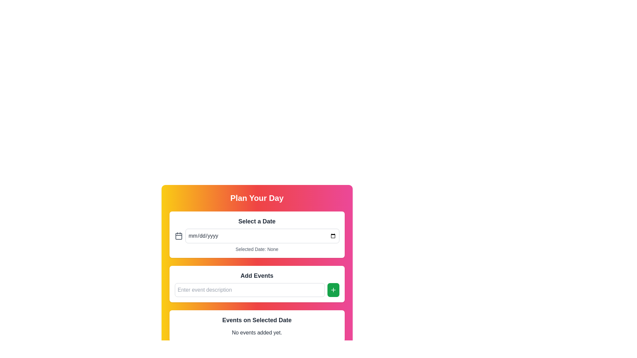 The image size is (637, 358). Describe the element at coordinates (178, 236) in the screenshot. I see `the central area of the SVG graphical rectangle representing the date or content area of the calendar icon, which is located to the left of the 'Select a Date' input field` at that location.